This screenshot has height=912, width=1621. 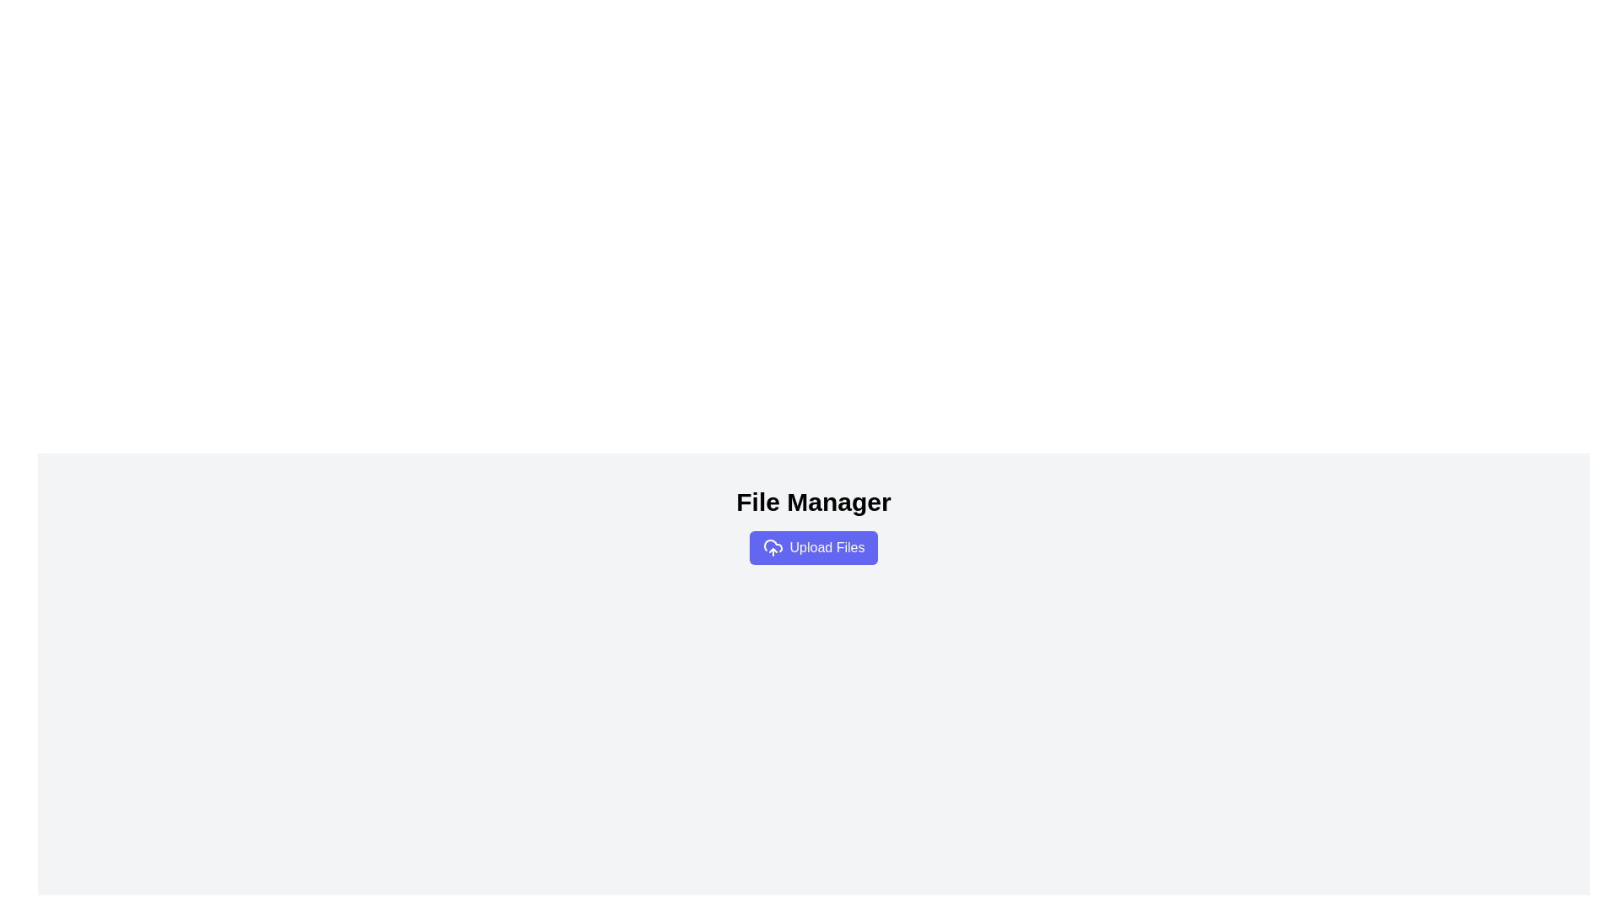 What do you see at coordinates (814, 547) in the screenshot?
I see `the 'Upload' button located centered below the 'File Manager' heading for accessibility interactions` at bounding box center [814, 547].